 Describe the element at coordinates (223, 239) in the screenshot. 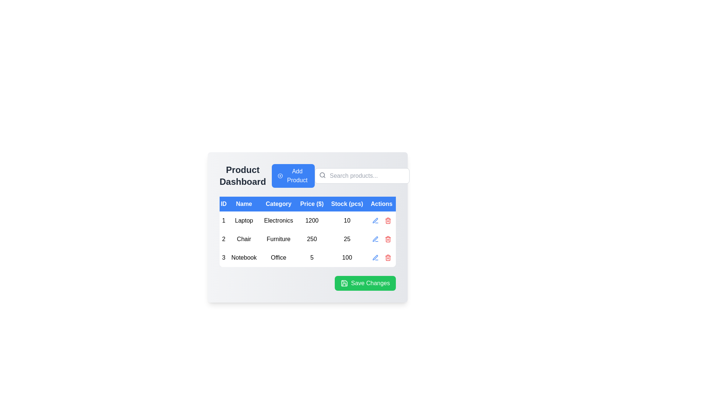

I see `the text display that serves as the unique identifier within the ID column for a product entry in the data table` at that location.